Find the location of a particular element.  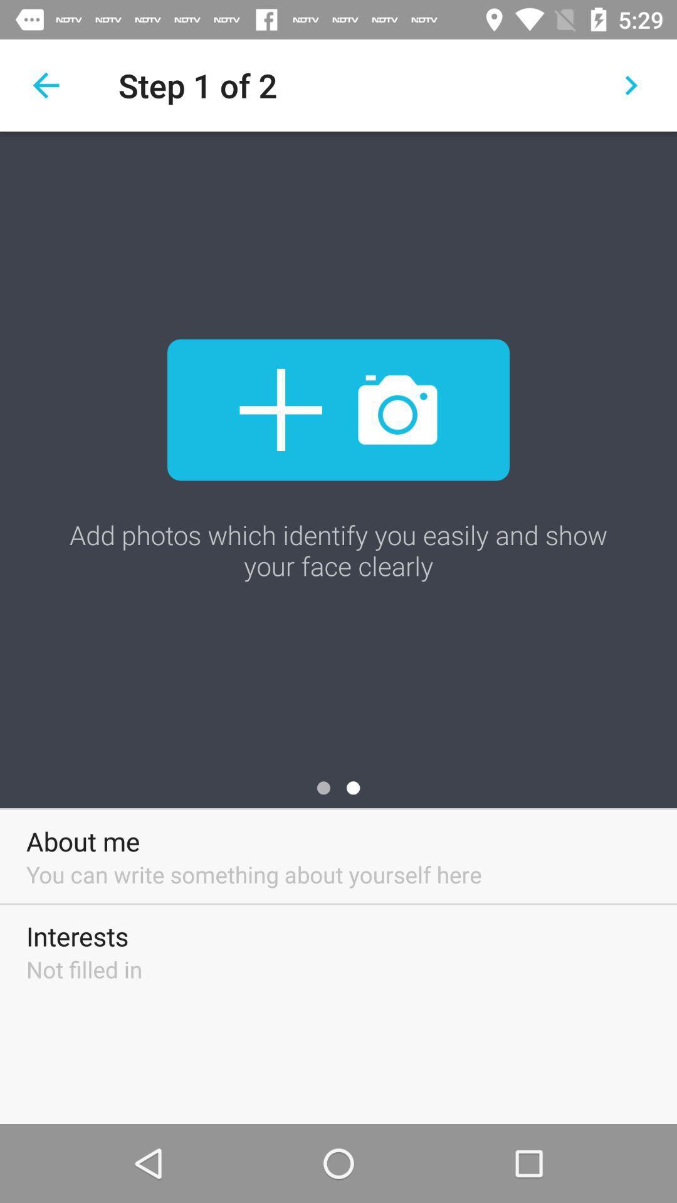

go back is located at coordinates (45, 85).